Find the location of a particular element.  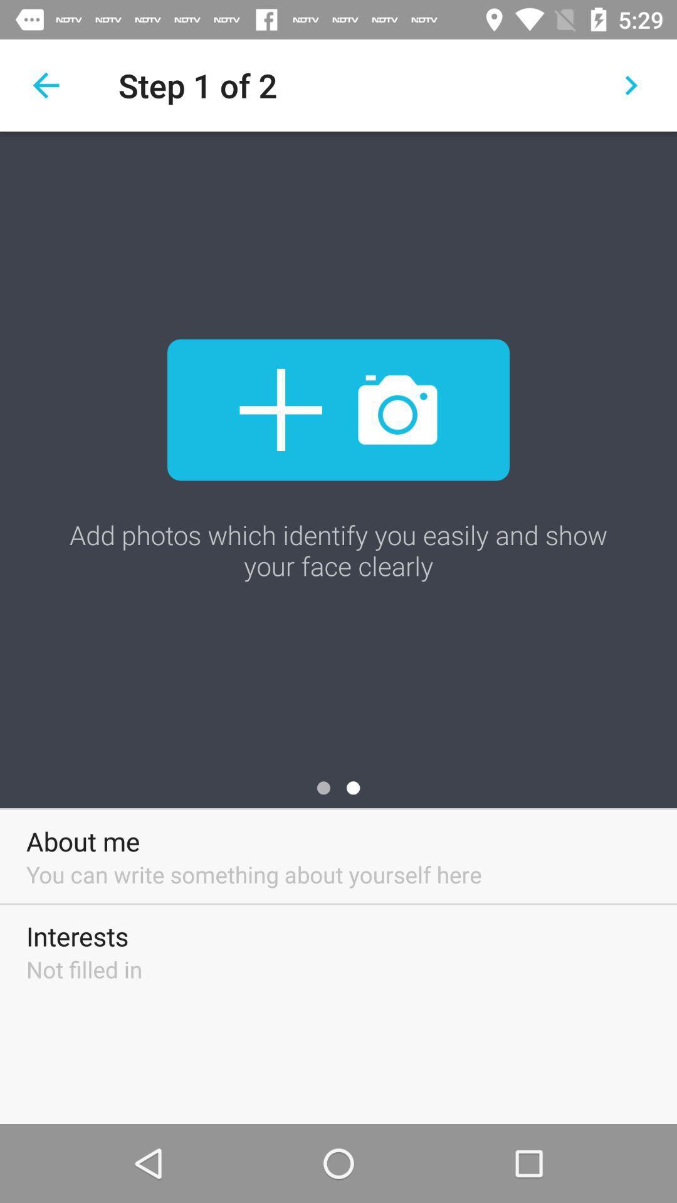

go back is located at coordinates (45, 85).